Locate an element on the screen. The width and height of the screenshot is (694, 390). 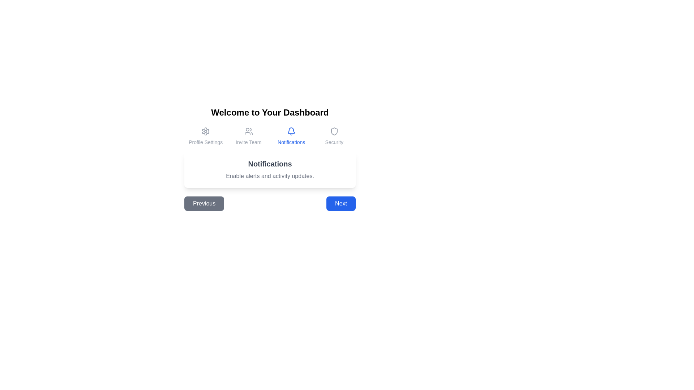
the 'Notifications' button, which features a blue bell icon and blue text, located between the 'Invite Team' and 'Security' options is located at coordinates (291, 136).